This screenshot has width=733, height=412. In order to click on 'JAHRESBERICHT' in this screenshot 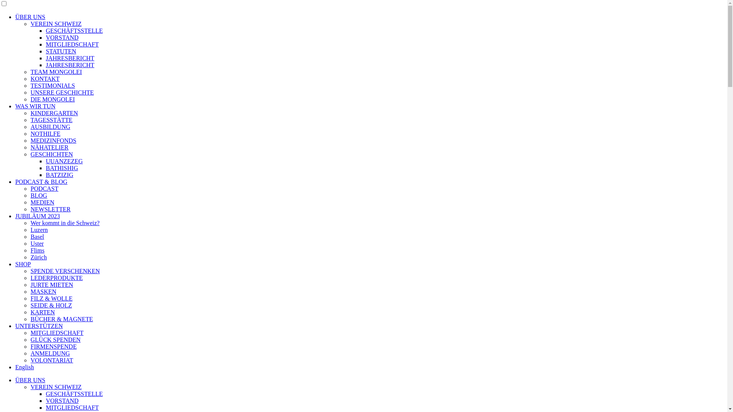, I will do `click(70, 64)`.